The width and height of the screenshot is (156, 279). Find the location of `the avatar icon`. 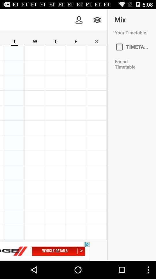

the avatar icon is located at coordinates (79, 21).